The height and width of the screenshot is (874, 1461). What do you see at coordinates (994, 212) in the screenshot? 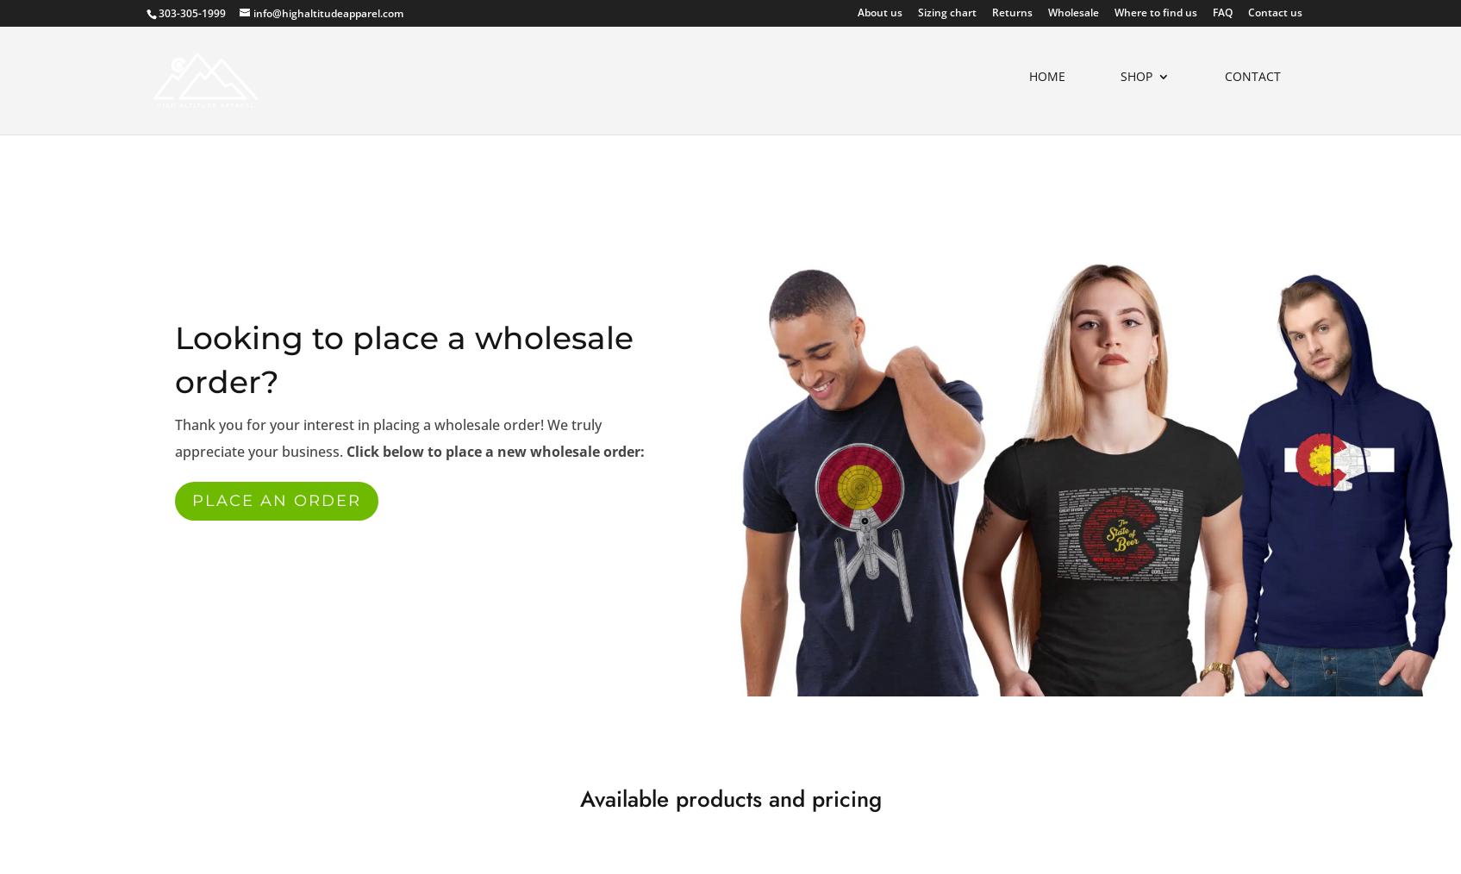
I see `'Unisex apparel'` at bounding box center [994, 212].